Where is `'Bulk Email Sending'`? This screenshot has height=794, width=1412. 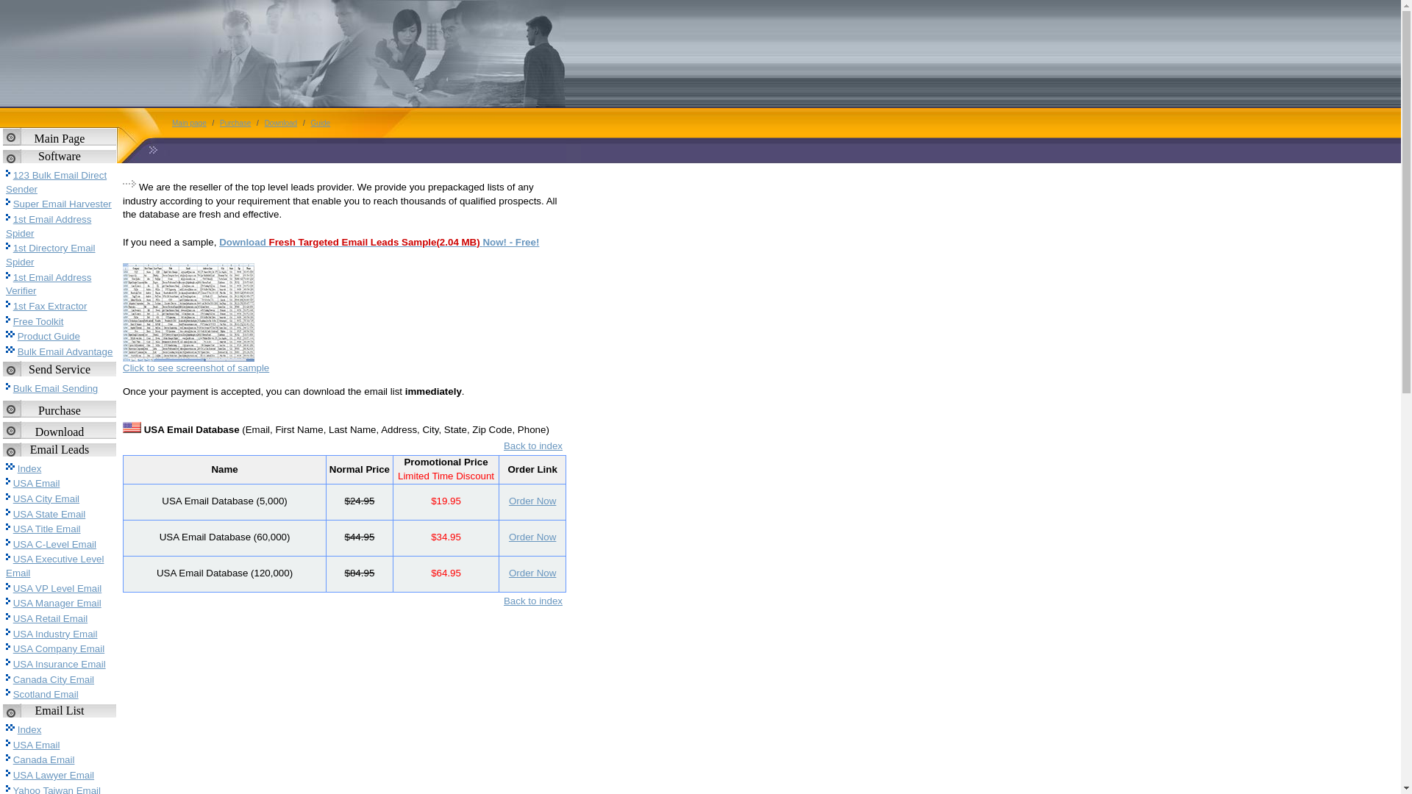 'Bulk Email Sending' is located at coordinates (13, 387).